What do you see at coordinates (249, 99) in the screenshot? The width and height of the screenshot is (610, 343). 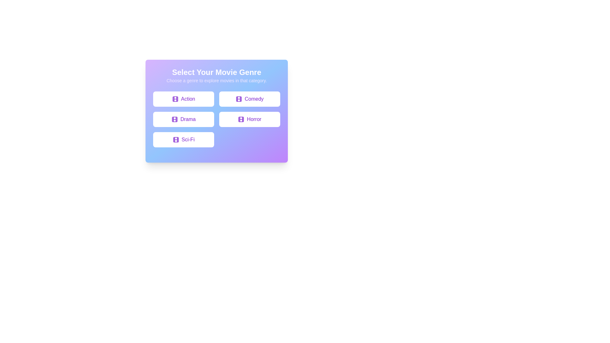 I see `the button corresponding to the genre Comedy` at bounding box center [249, 99].